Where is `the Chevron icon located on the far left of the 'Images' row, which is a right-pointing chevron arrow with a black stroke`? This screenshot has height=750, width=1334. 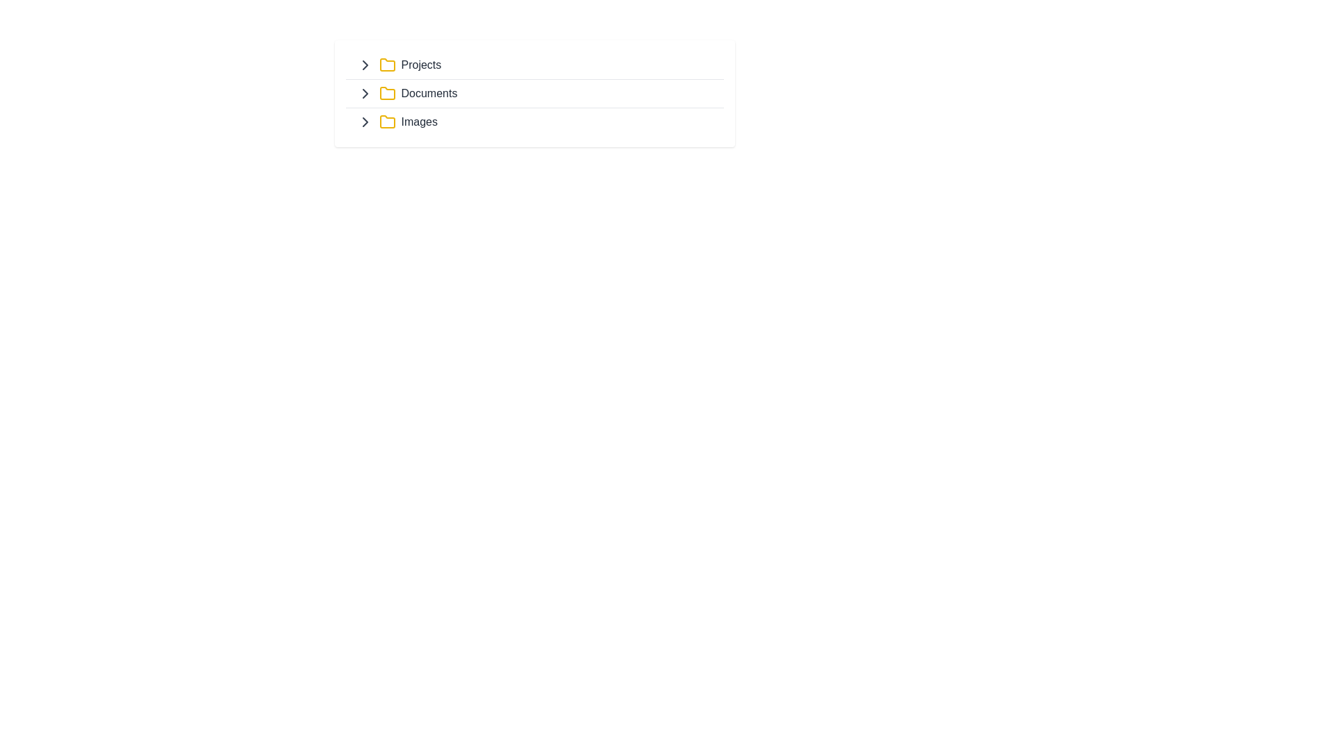
the Chevron icon located on the far left of the 'Images' row, which is a right-pointing chevron arrow with a black stroke is located at coordinates (365, 122).